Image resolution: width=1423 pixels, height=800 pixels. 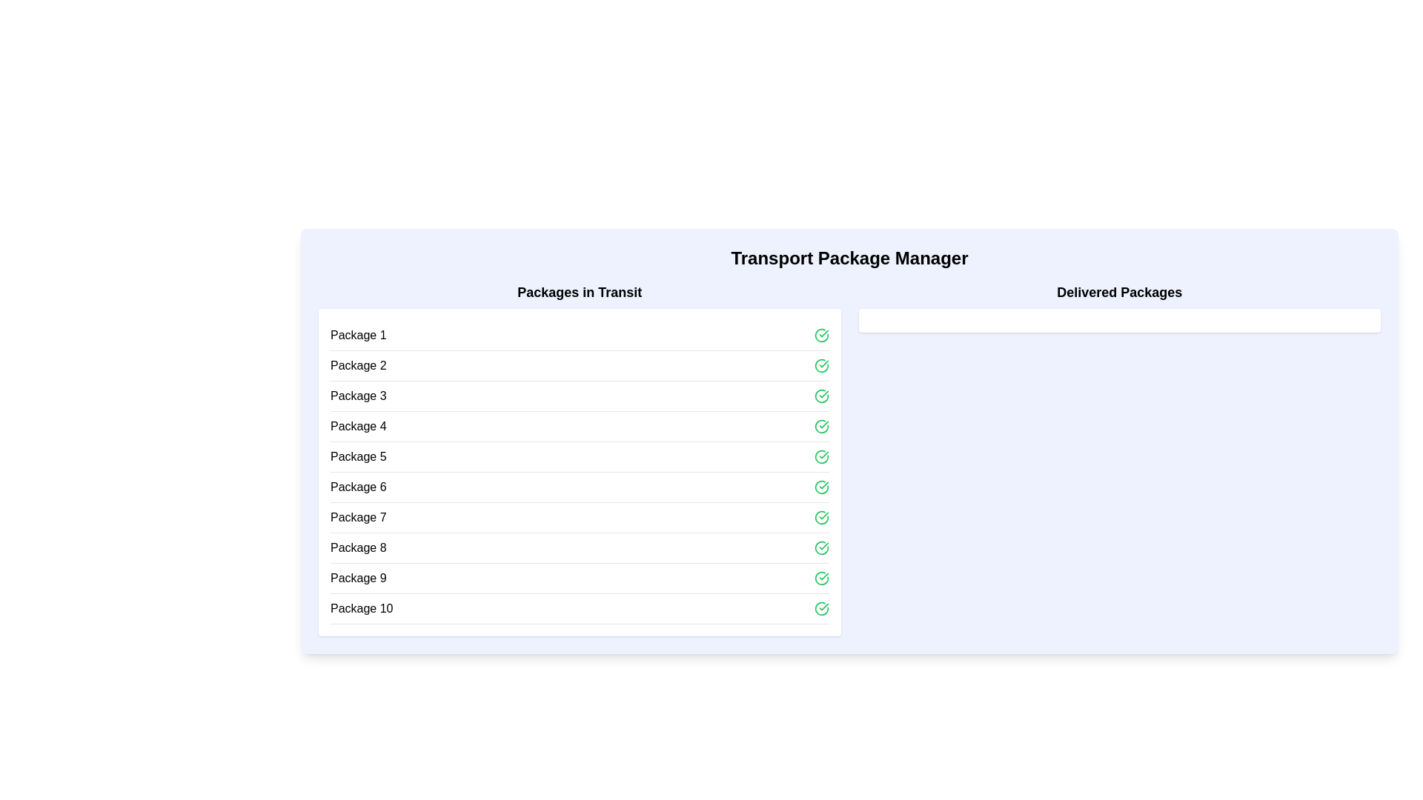 What do you see at coordinates (579, 578) in the screenshot?
I see `the ninth item in the 'Packages in Transit' list` at bounding box center [579, 578].